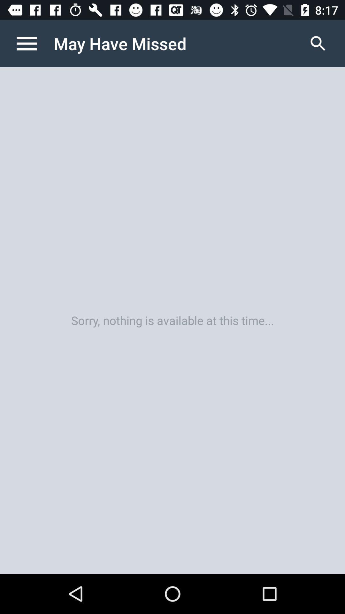 The image size is (345, 614). I want to click on the icon above the sorry nothing is, so click(33, 43).